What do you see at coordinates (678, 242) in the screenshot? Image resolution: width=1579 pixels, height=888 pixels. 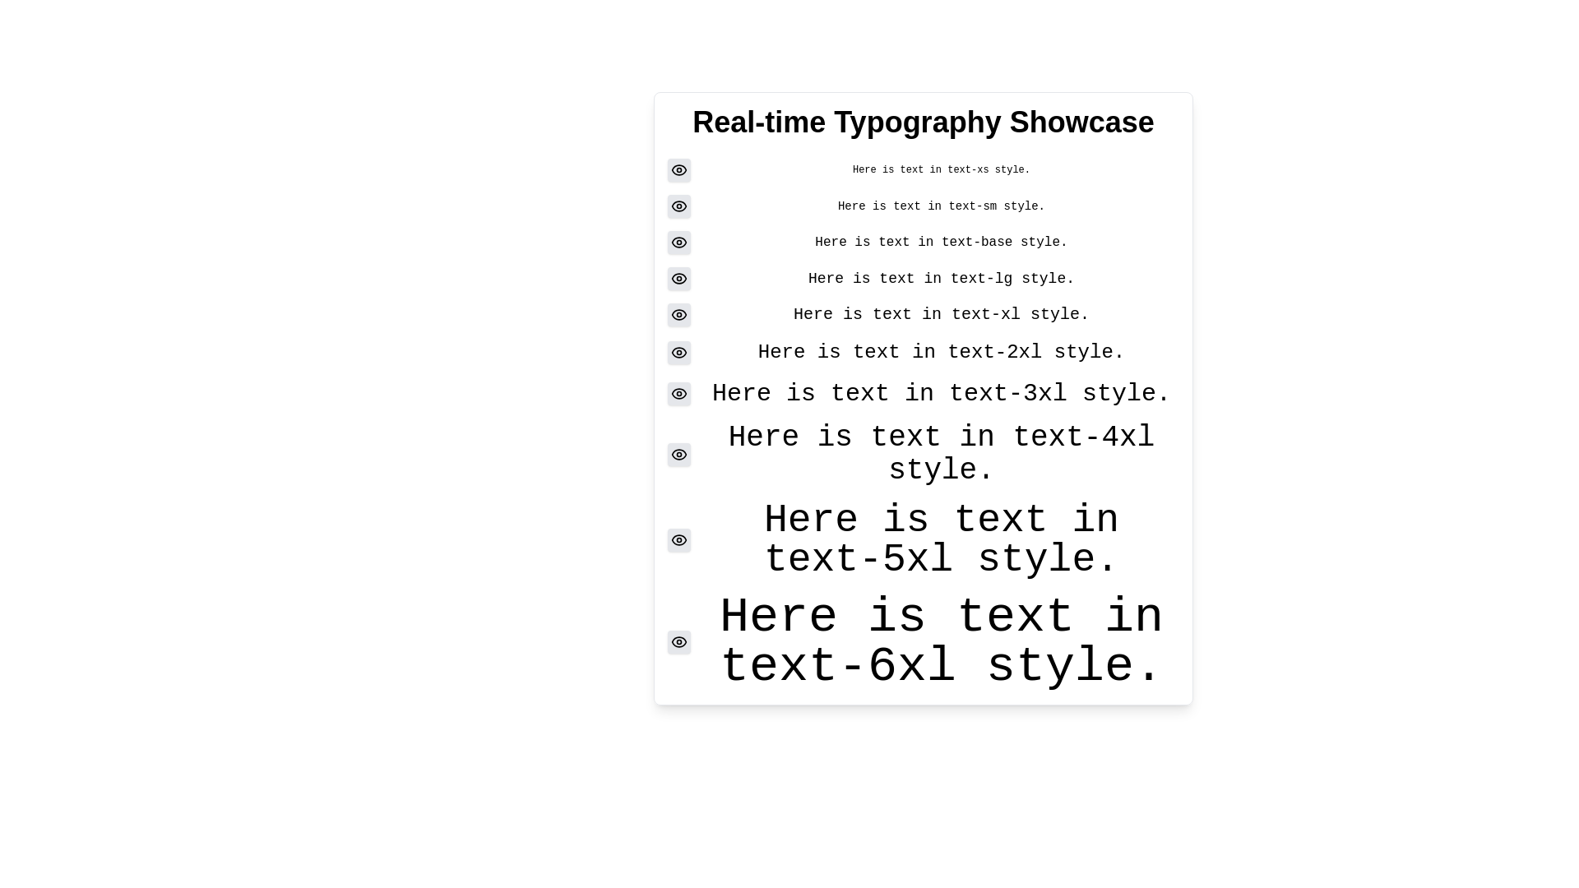 I see `the upper outline segment of the eye icon` at bounding box center [678, 242].